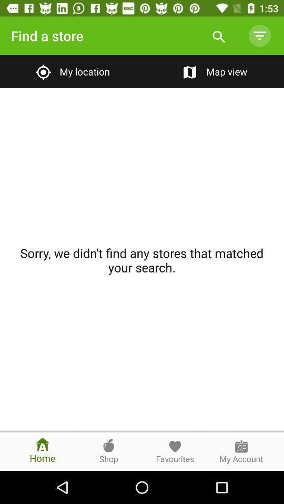 The height and width of the screenshot is (504, 284). I want to click on item next to my location item, so click(213, 71).